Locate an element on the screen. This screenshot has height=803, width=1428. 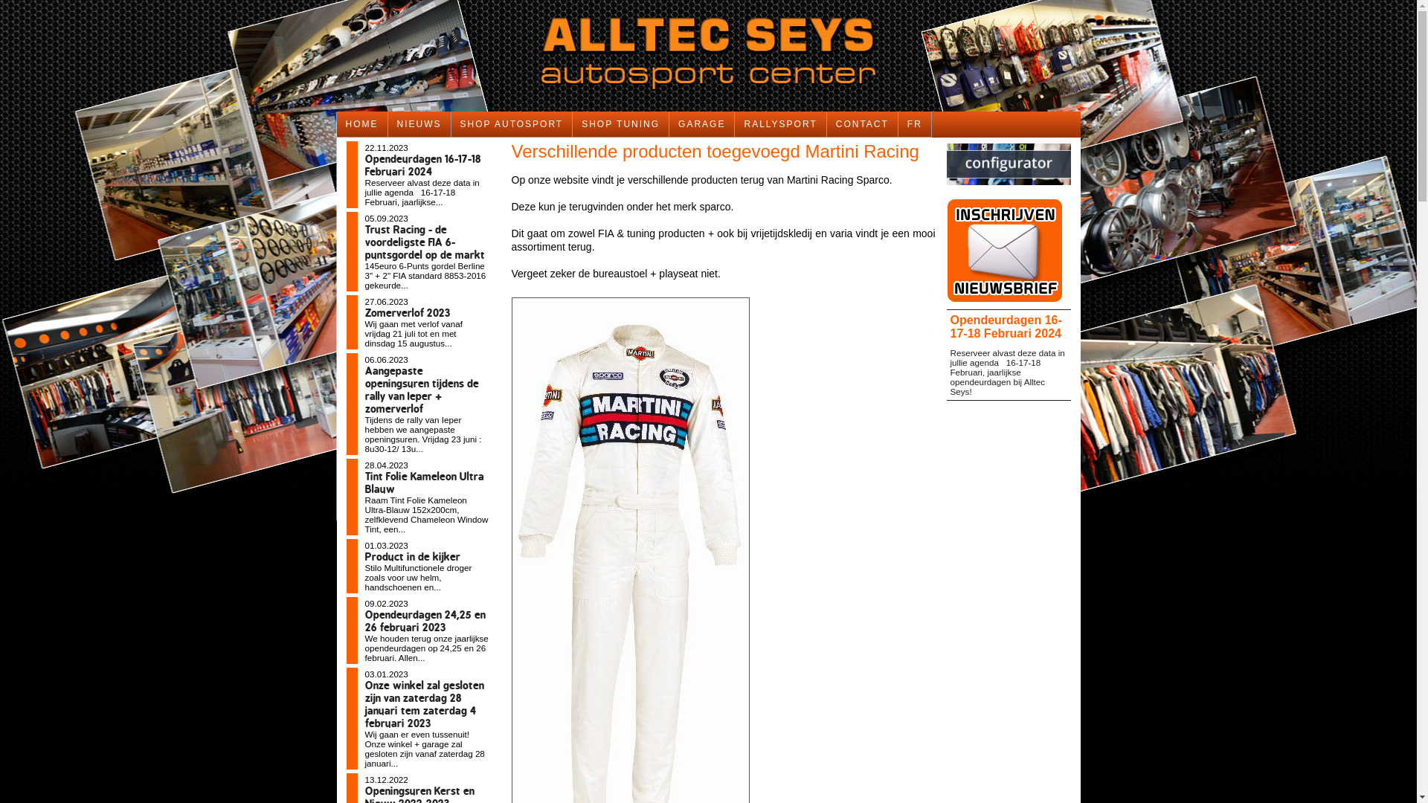
'GARAGE' is located at coordinates (701, 123).